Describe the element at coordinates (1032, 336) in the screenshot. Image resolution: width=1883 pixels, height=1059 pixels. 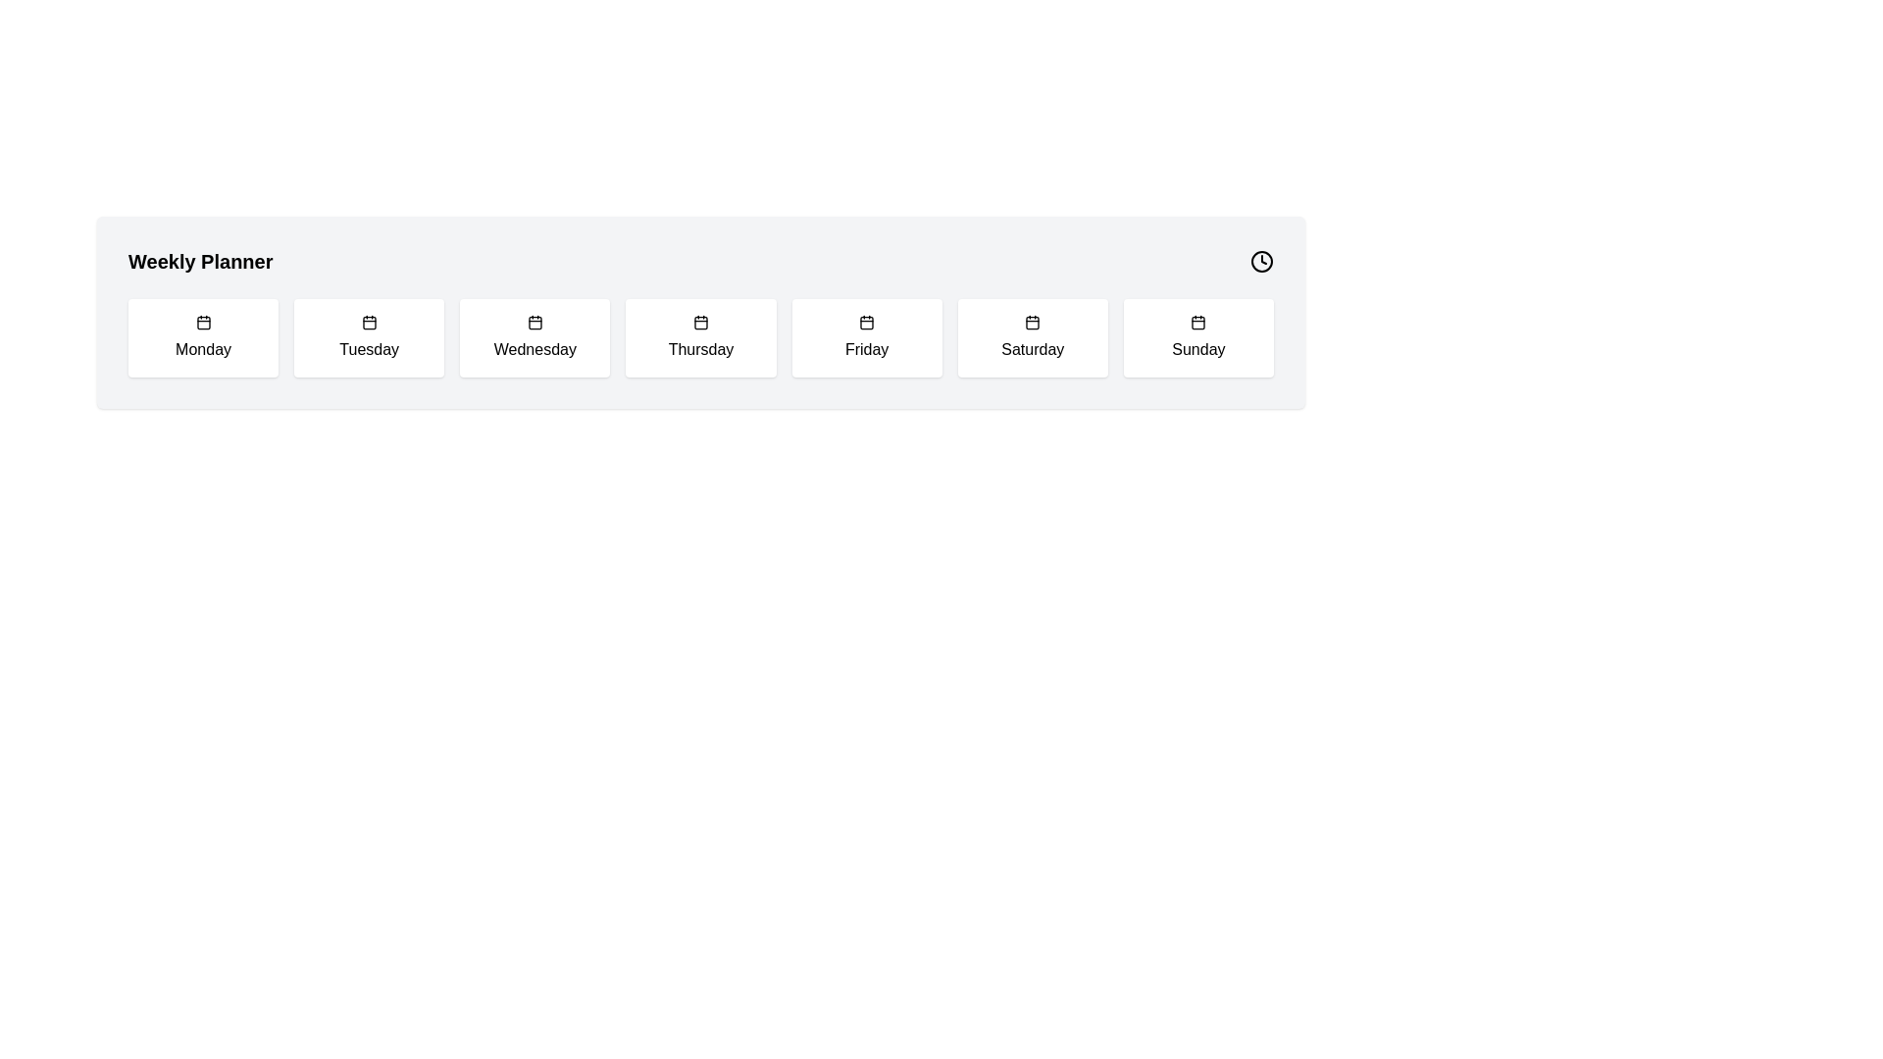
I see `the button representing 'Saturday', which has a white background and a calendar icon` at that location.